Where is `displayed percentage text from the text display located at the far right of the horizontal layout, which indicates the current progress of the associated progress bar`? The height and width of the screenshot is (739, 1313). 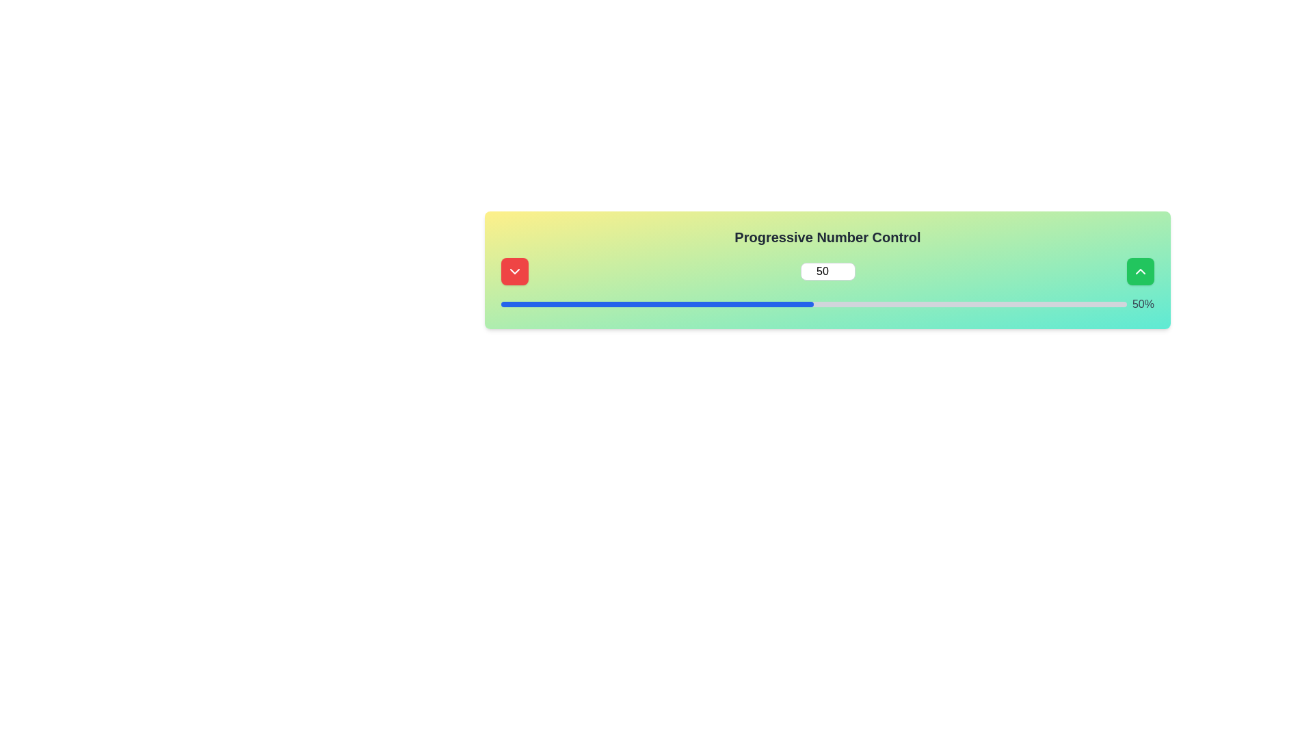 displayed percentage text from the text display located at the far right of the horizontal layout, which indicates the current progress of the associated progress bar is located at coordinates (1143, 303).